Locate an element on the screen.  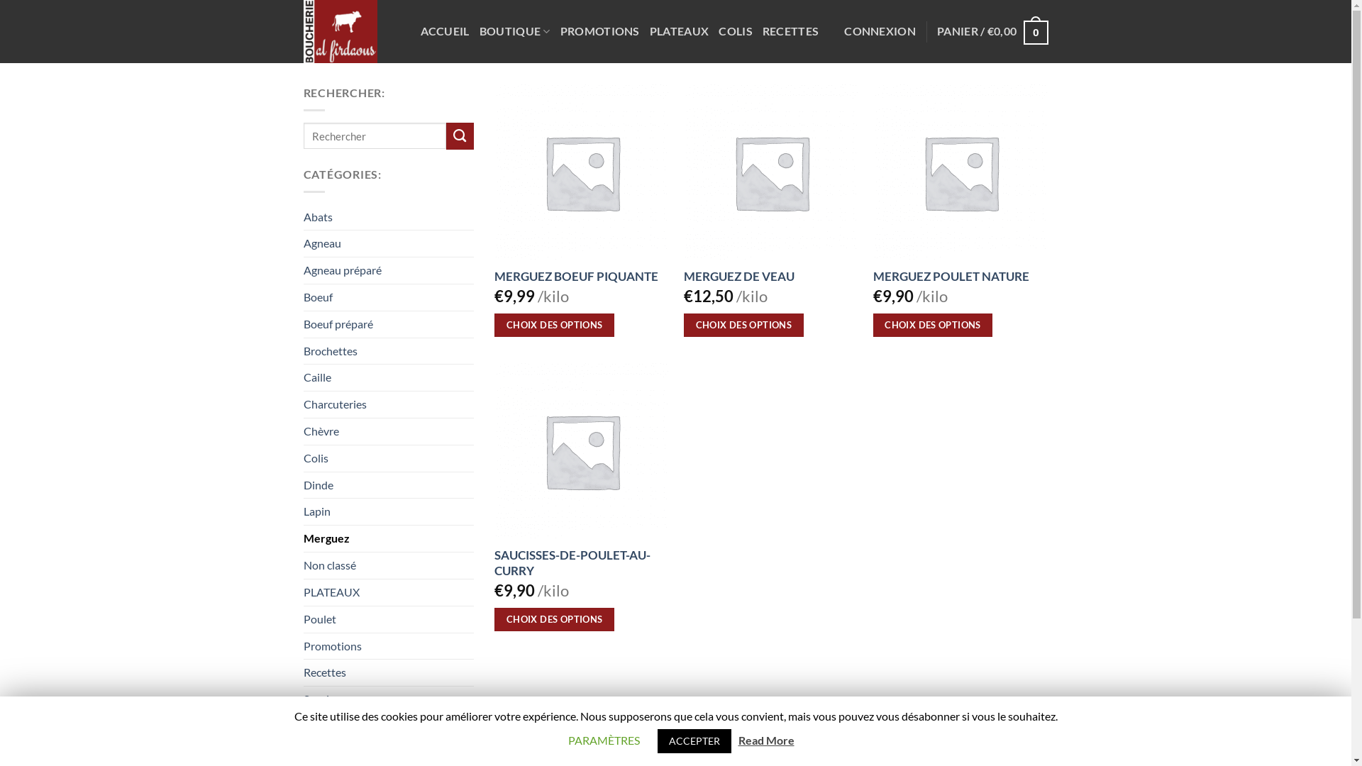
'Lapin' is located at coordinates (388, 511).